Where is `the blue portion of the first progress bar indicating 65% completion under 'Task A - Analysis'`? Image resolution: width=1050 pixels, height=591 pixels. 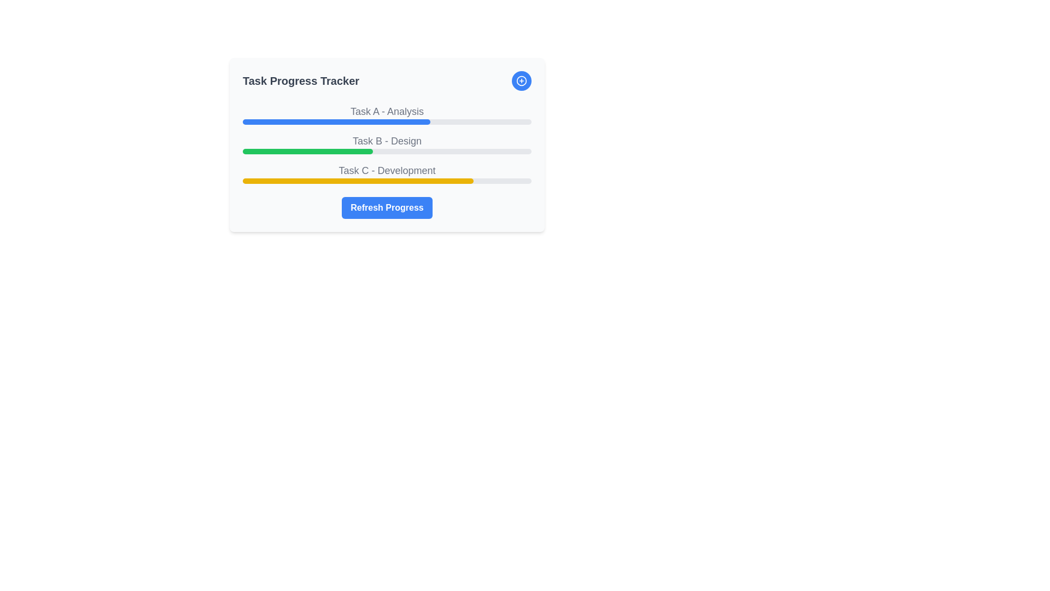
the blue portion of the first progress bar indicating 65% completion under 'Task A - Analysis' is located at coordinates (336, 122).